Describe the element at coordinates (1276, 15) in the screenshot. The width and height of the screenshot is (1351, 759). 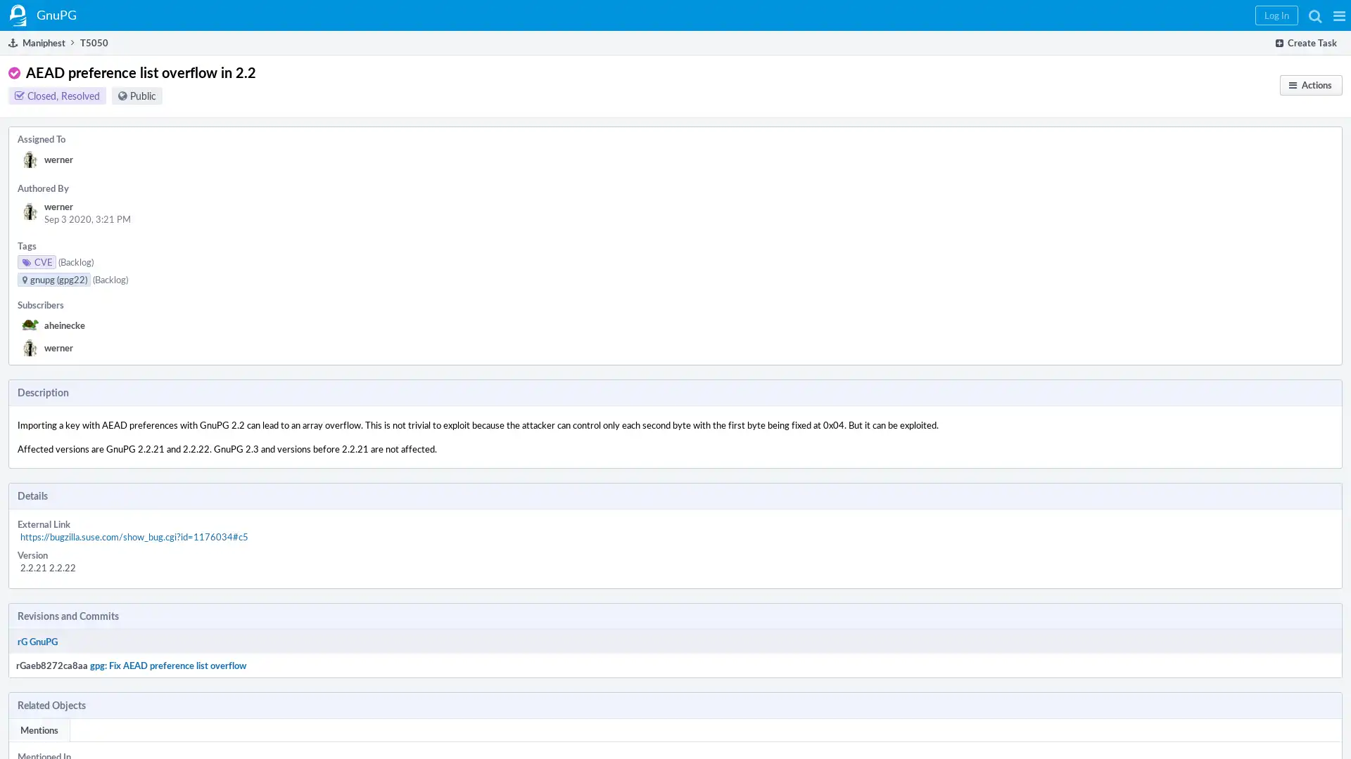
I see `Log In` at that location.